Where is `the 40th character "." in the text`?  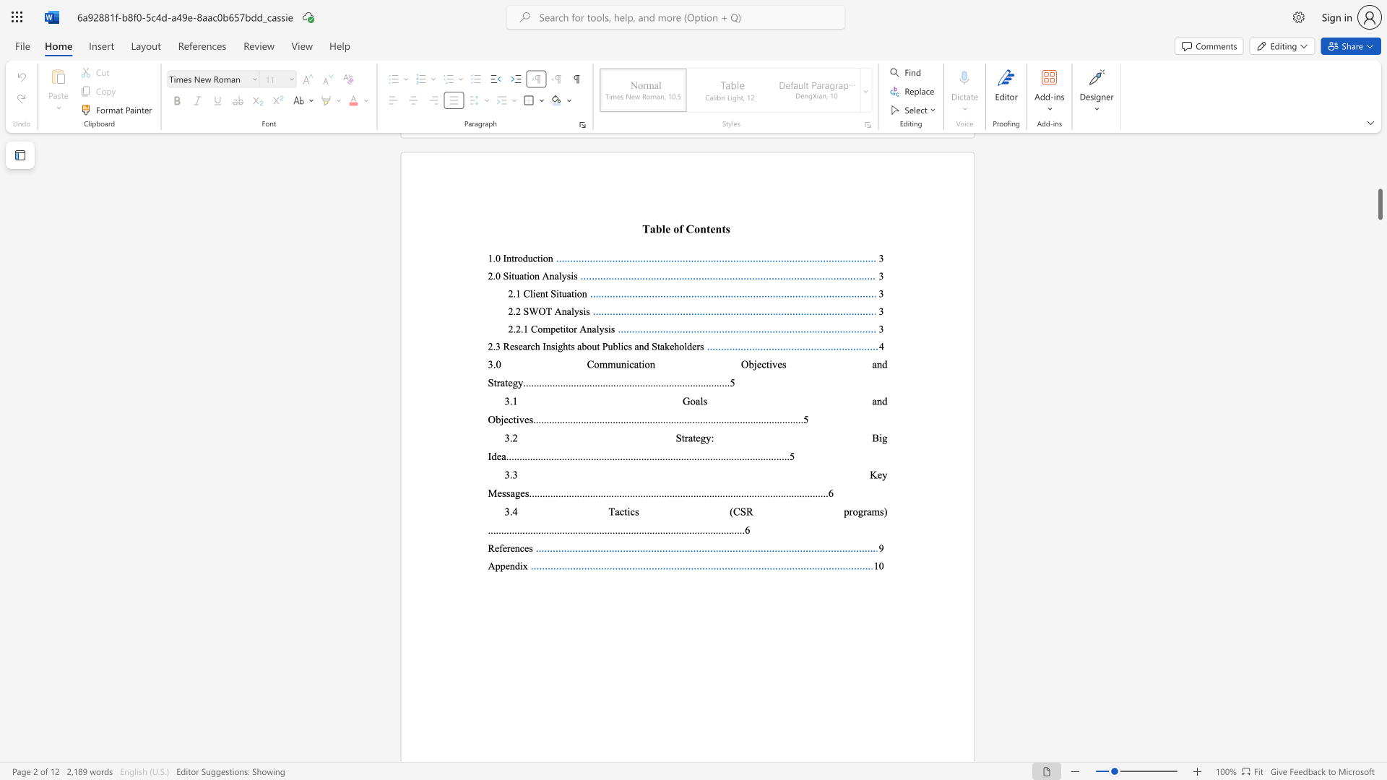 the 40th character "." in the text is located at coordinates (634, 492).